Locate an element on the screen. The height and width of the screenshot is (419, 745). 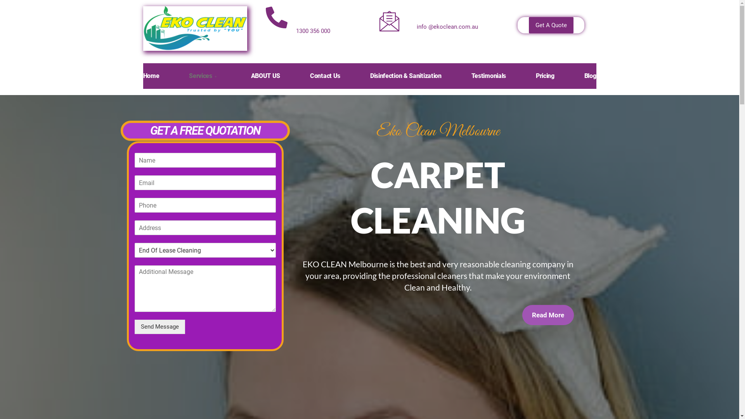
'Testimonials' is located at coordinates (471, 76).